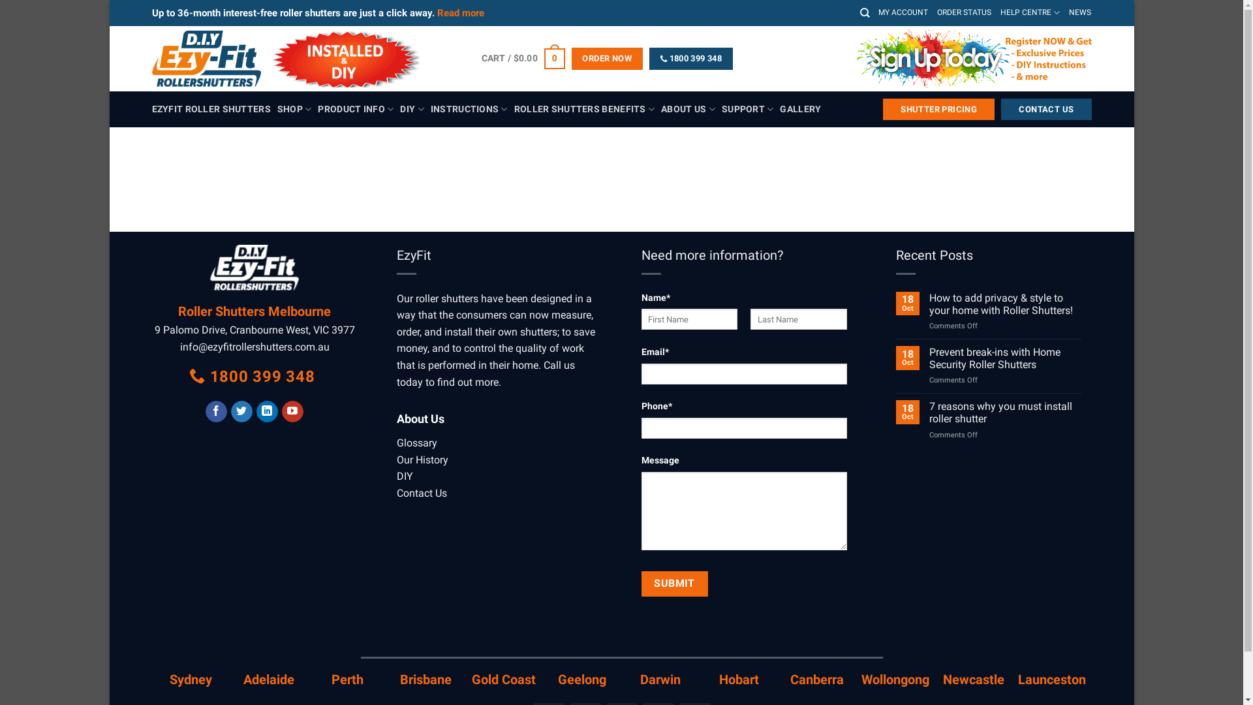  I want to click on 'Follow on YouTube', so click(292, 412).